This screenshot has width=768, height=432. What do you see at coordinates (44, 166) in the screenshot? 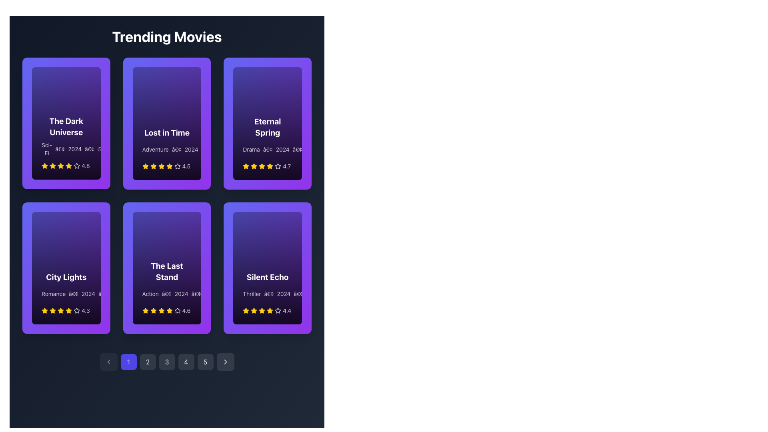
I see `the first star icon in the rating section beneath the movie title 'The Dark Universe' to indicate its rating` at bounding box center [44, 166].